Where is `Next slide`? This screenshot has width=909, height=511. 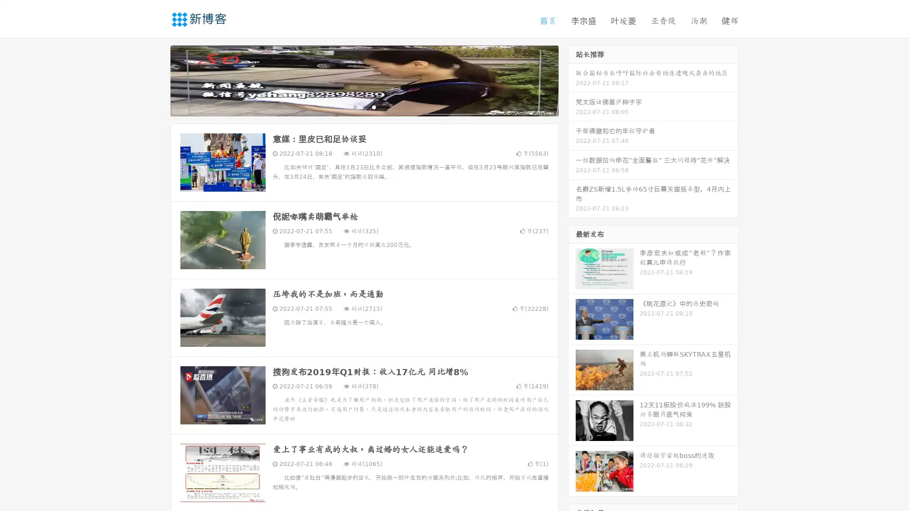 Next slide is located at coordinates (572, 79).